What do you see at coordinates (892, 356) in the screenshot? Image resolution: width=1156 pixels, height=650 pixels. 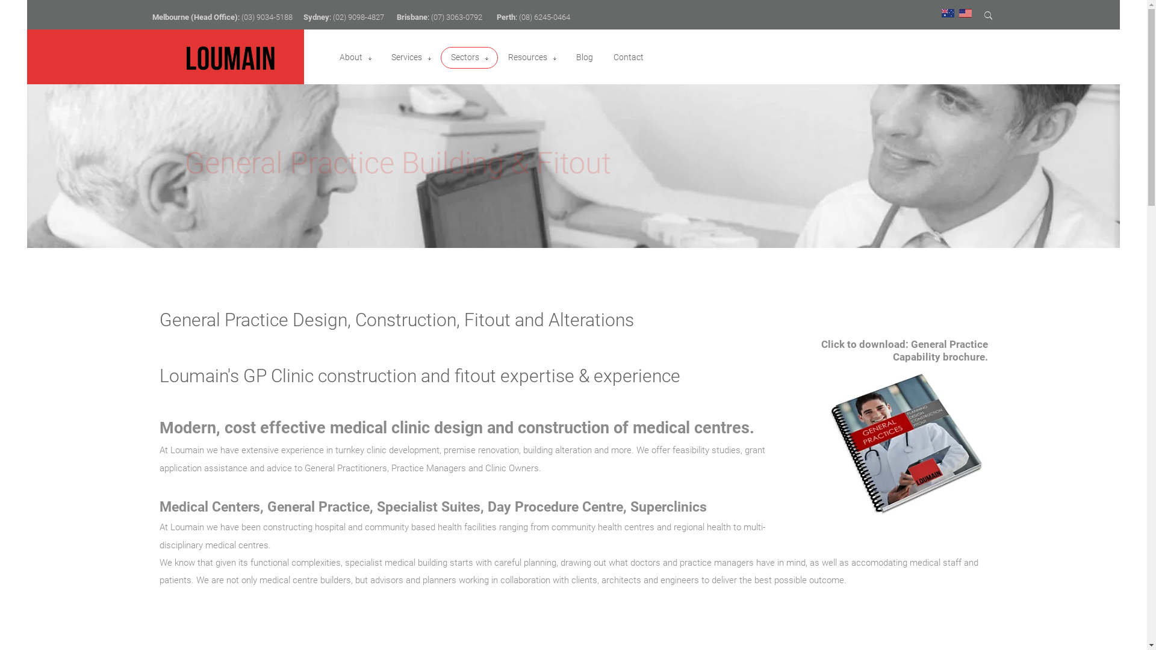 I see `'Capability brochure.'` at bounding box center [892, 356].